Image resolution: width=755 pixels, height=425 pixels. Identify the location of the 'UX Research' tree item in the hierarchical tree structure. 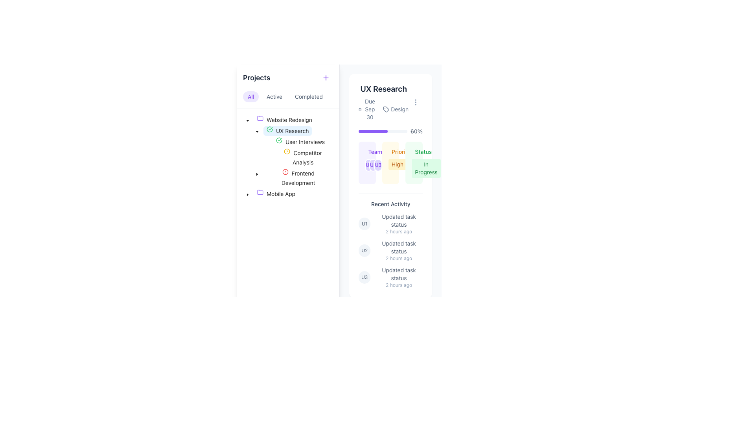
(287, 130).